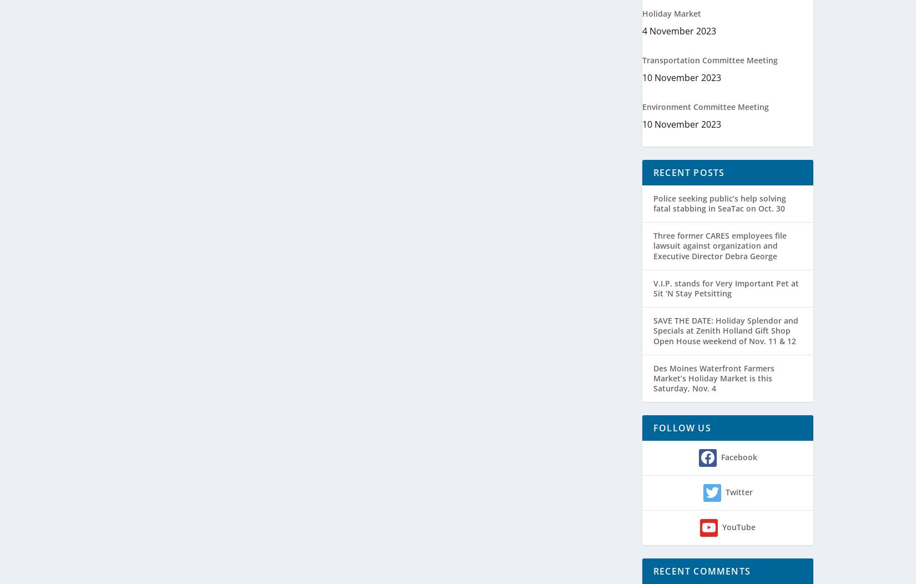 The image size is (916, 584). Describe the element at coordinates (688, 172) in the screenshot. I see `'Recent Posts'` at that location.